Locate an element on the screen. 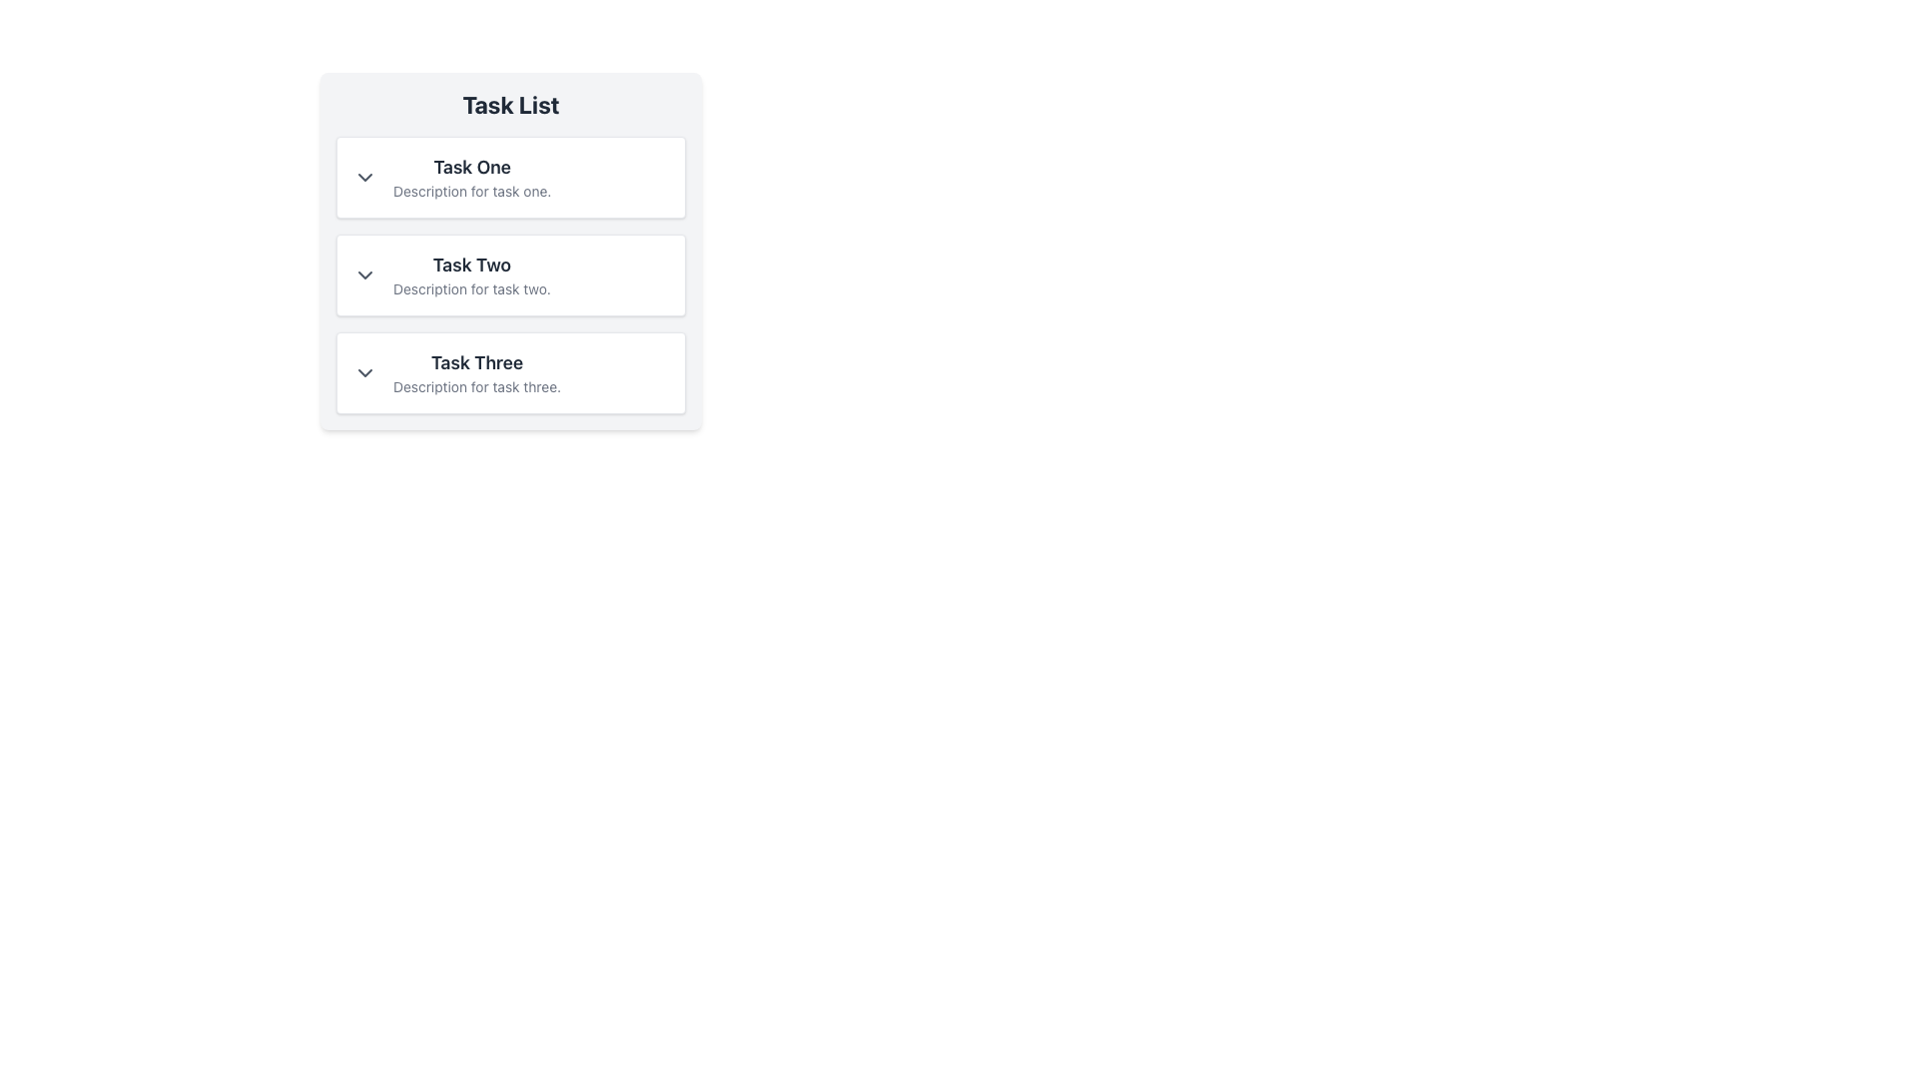 This screenshot has height=1078, width=1917. the text label providing additional details related to 'Task Two', located beneath the 'Task Two' header in the second card of the 'Task List' is located at coordinates (470, 288).